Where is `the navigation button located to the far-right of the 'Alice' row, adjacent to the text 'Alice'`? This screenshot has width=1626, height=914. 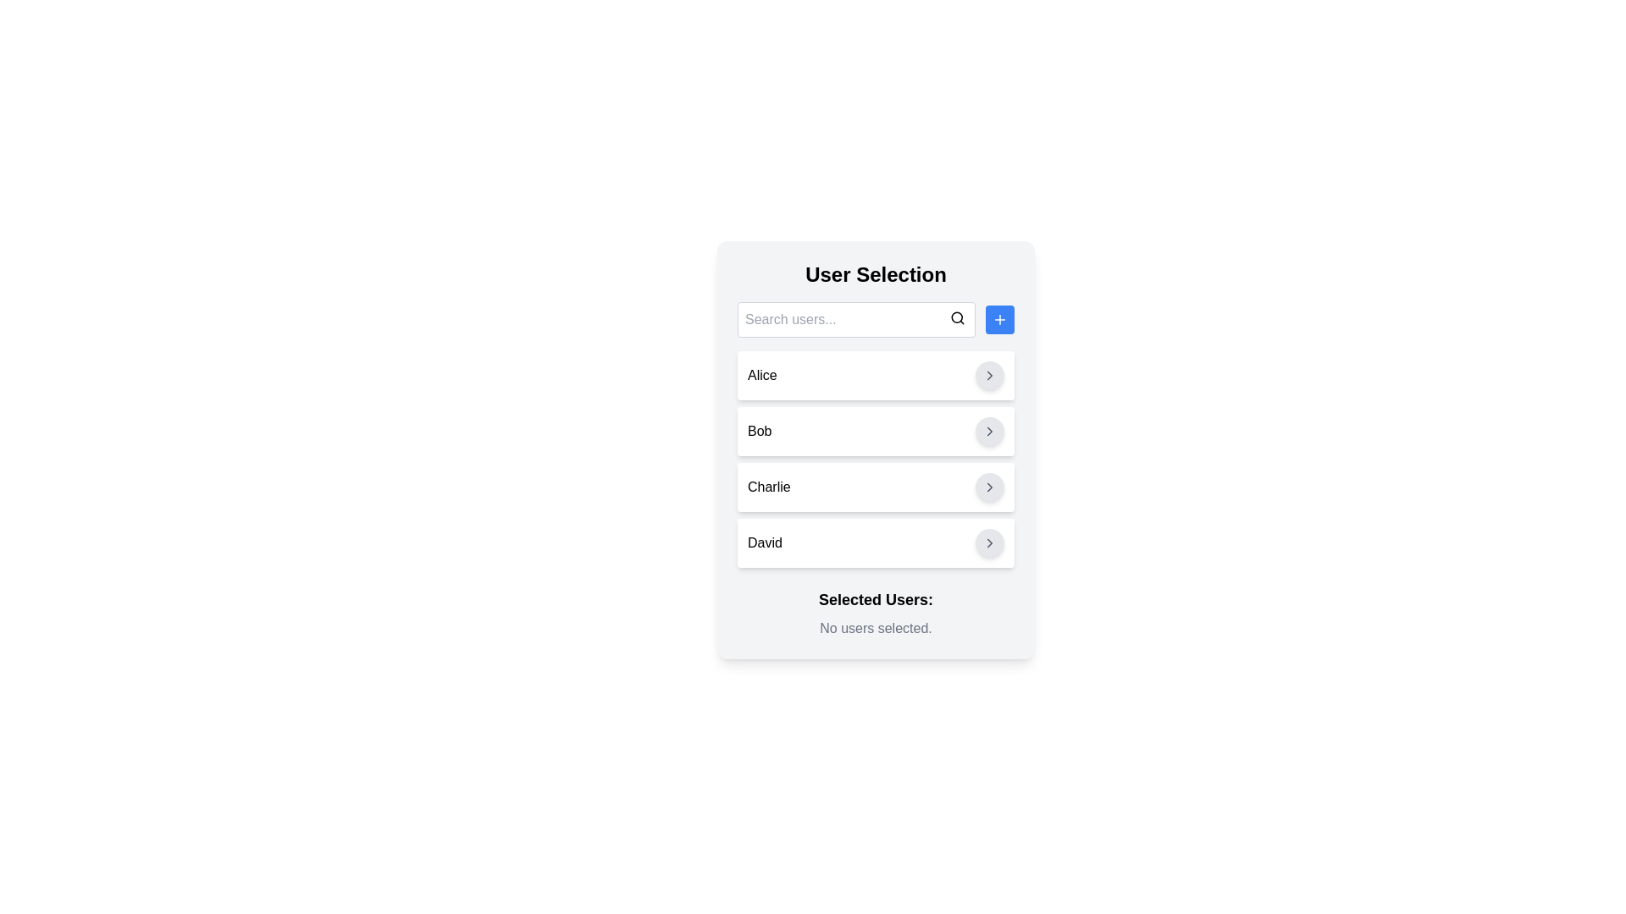 the navigation button located to the far-right of the 'Alice' row, adjacent to the text 'Alice' is located at coordinates (990, 374).